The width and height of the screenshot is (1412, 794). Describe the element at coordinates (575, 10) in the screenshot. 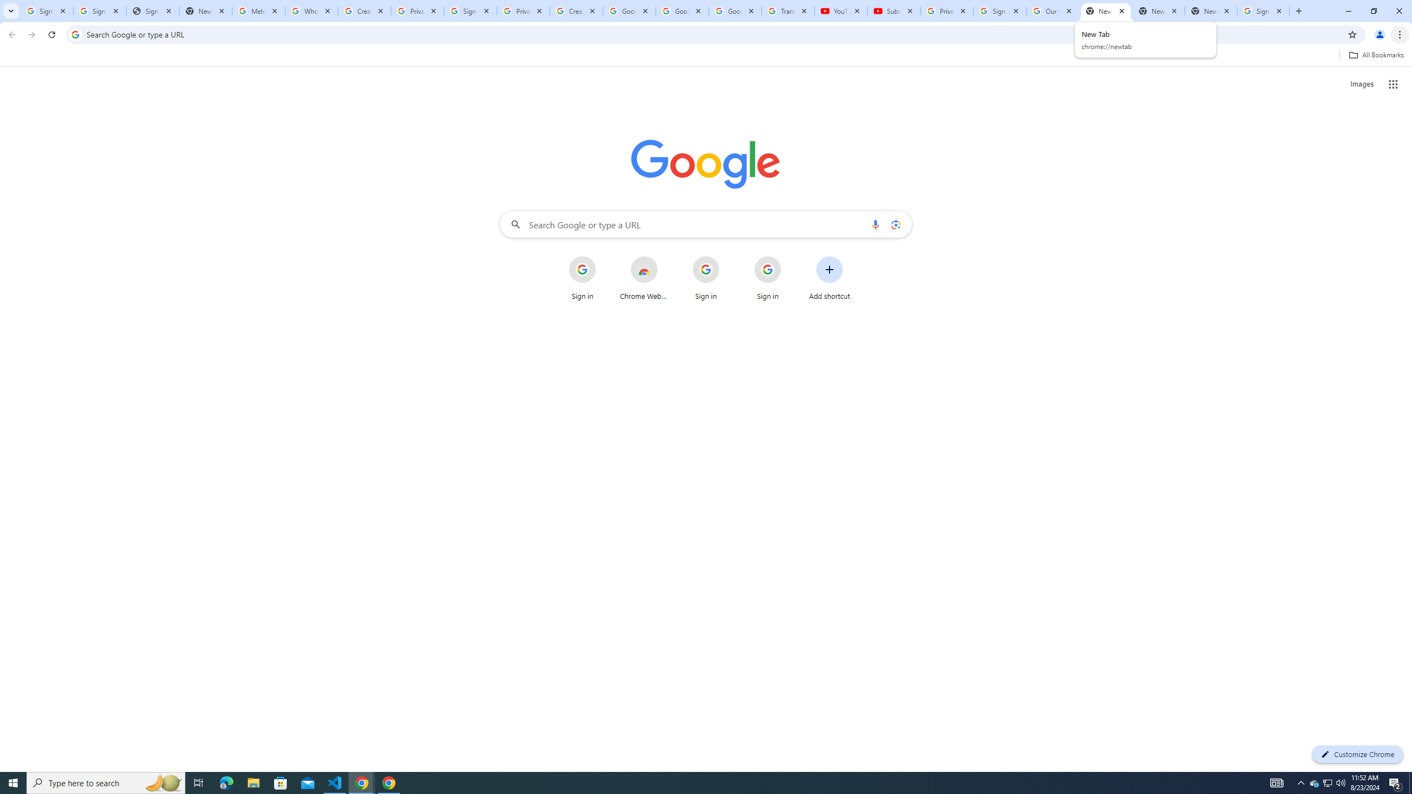

I see `'Create your Google Account'` at that location.